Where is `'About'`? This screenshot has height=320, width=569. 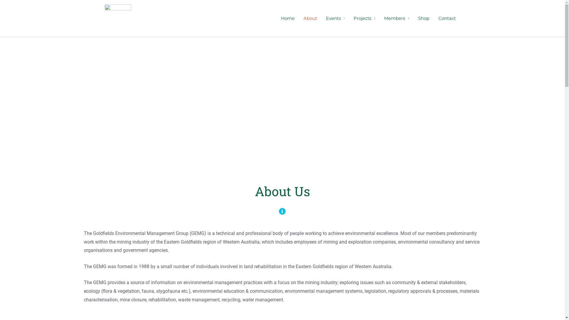
'About' is located at coordinates (299, 18).